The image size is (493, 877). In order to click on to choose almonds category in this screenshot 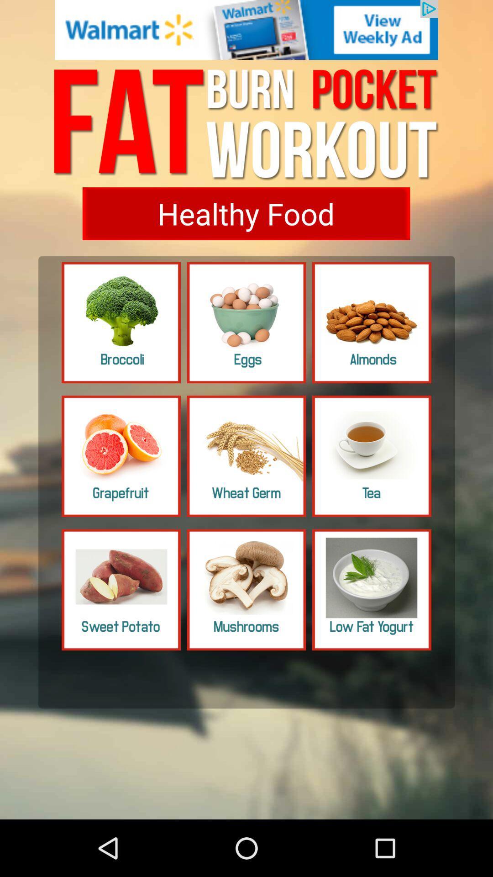, I will do `click(372, 322)`.